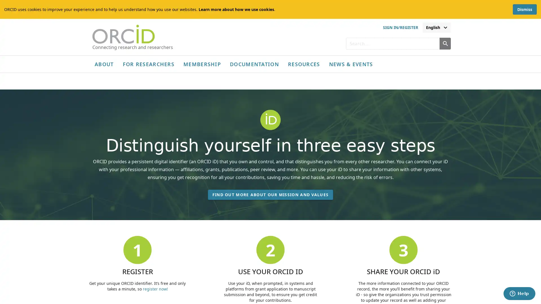  Describe the element at coordinates (148, 64) in the screenshot. I see `FOR RESEARCHERS` at that location.